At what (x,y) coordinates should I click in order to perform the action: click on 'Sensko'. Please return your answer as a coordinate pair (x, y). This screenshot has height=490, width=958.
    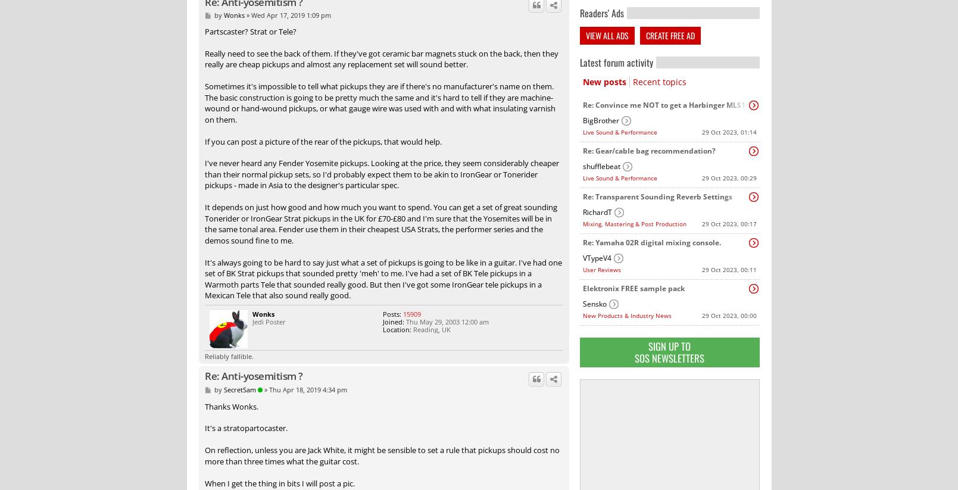
    Looking at the image, I should click on (594, 304).